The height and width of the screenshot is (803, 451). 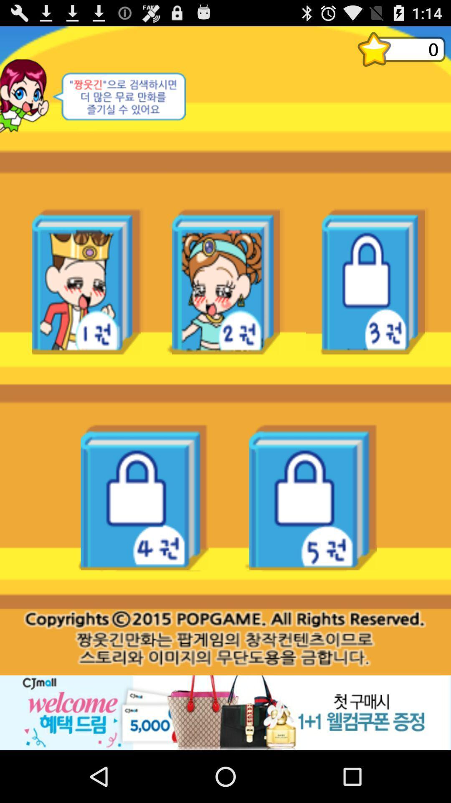 What do you see at coordinates (365, 281) in the screenshot?
I see `the third image` at bounding box center [365, 281].